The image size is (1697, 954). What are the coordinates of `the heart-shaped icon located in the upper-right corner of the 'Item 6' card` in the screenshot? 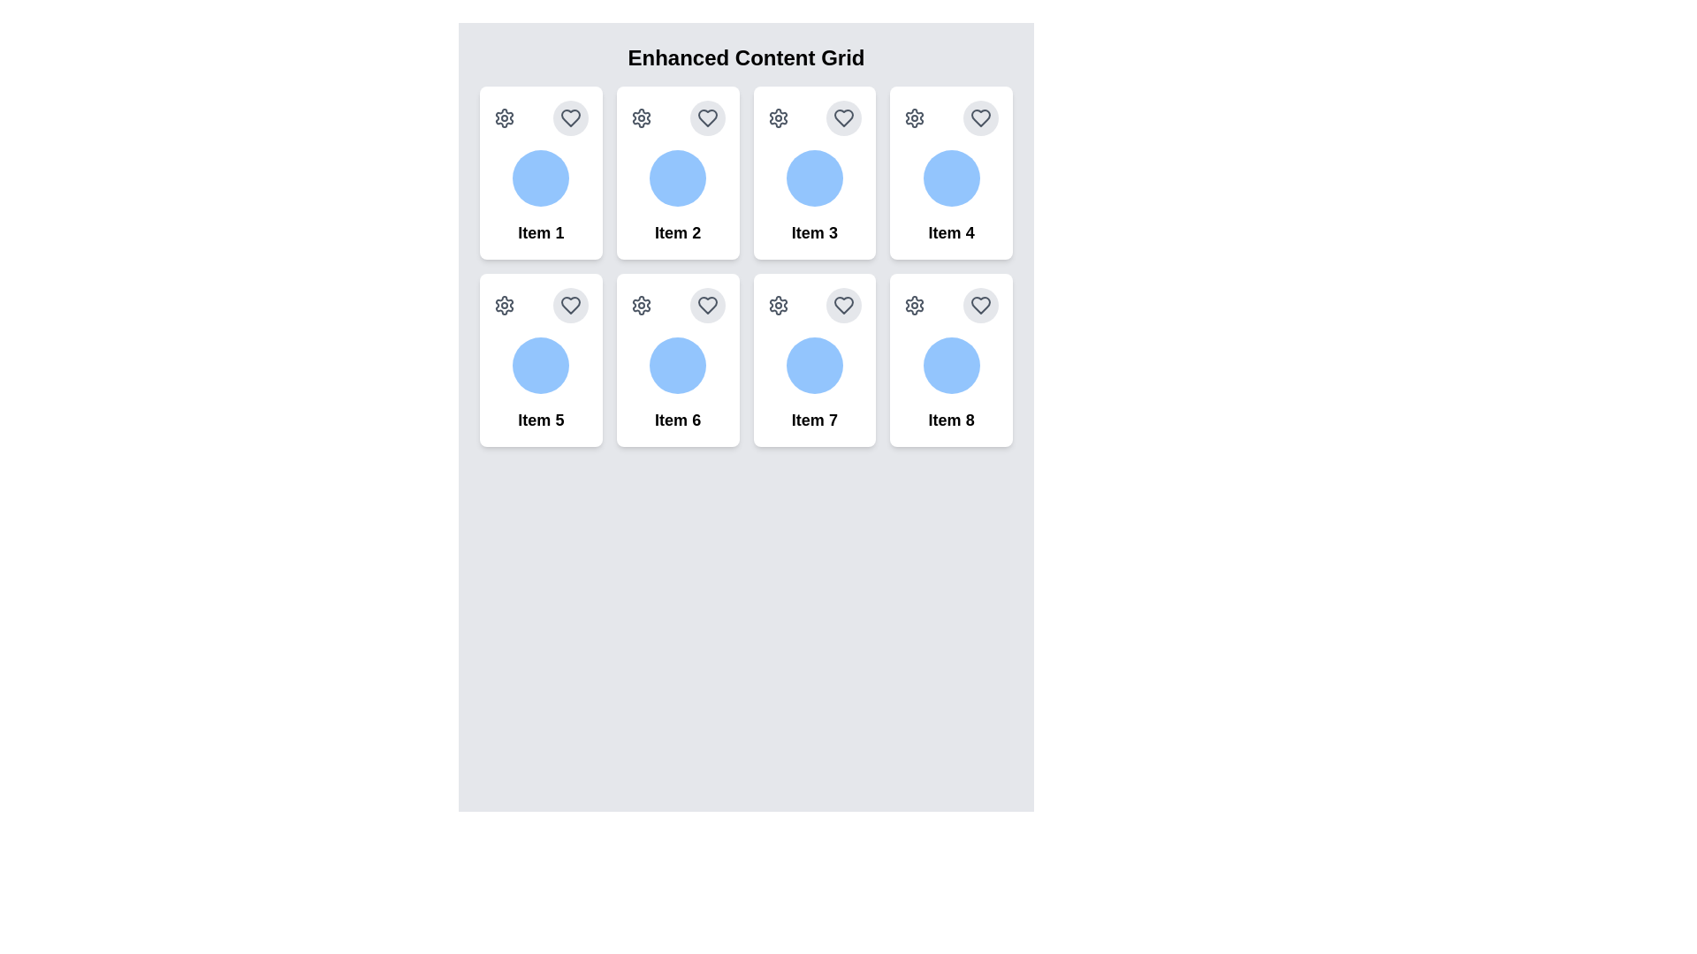 It's located at (707, 305).